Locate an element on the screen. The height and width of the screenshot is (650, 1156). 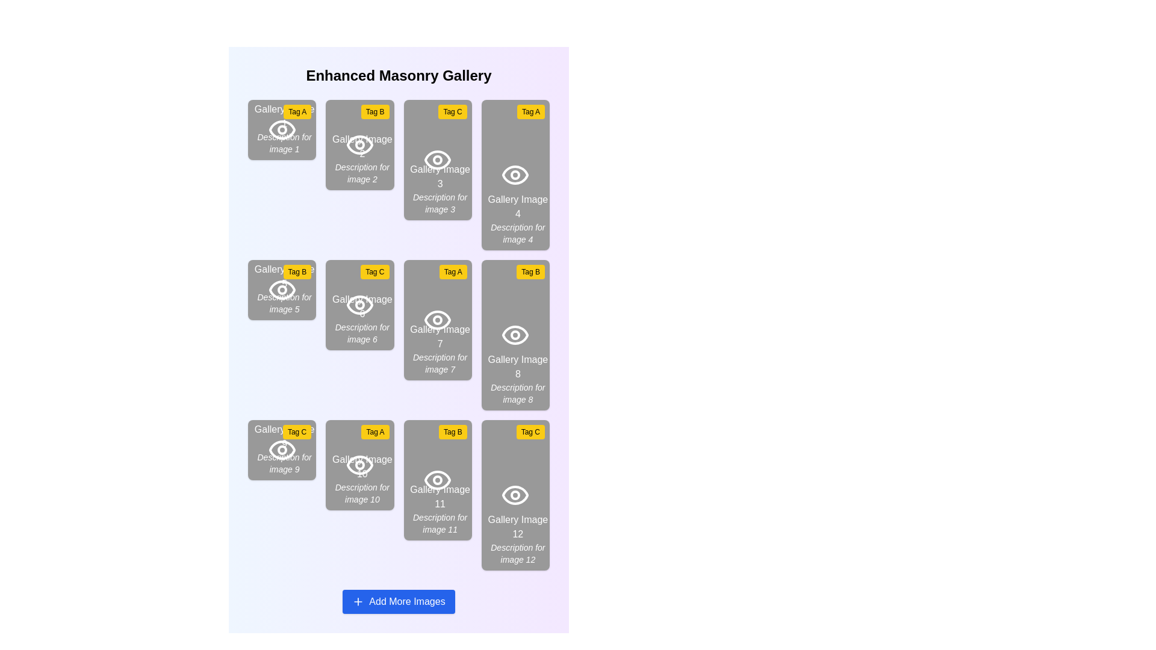
the text label displaying 'Gallery Image 10', which is located in the fourth row, second column of the grid layout, above the descriptive text labeled 'Description for image 10' is located at coordinates (361, 466).